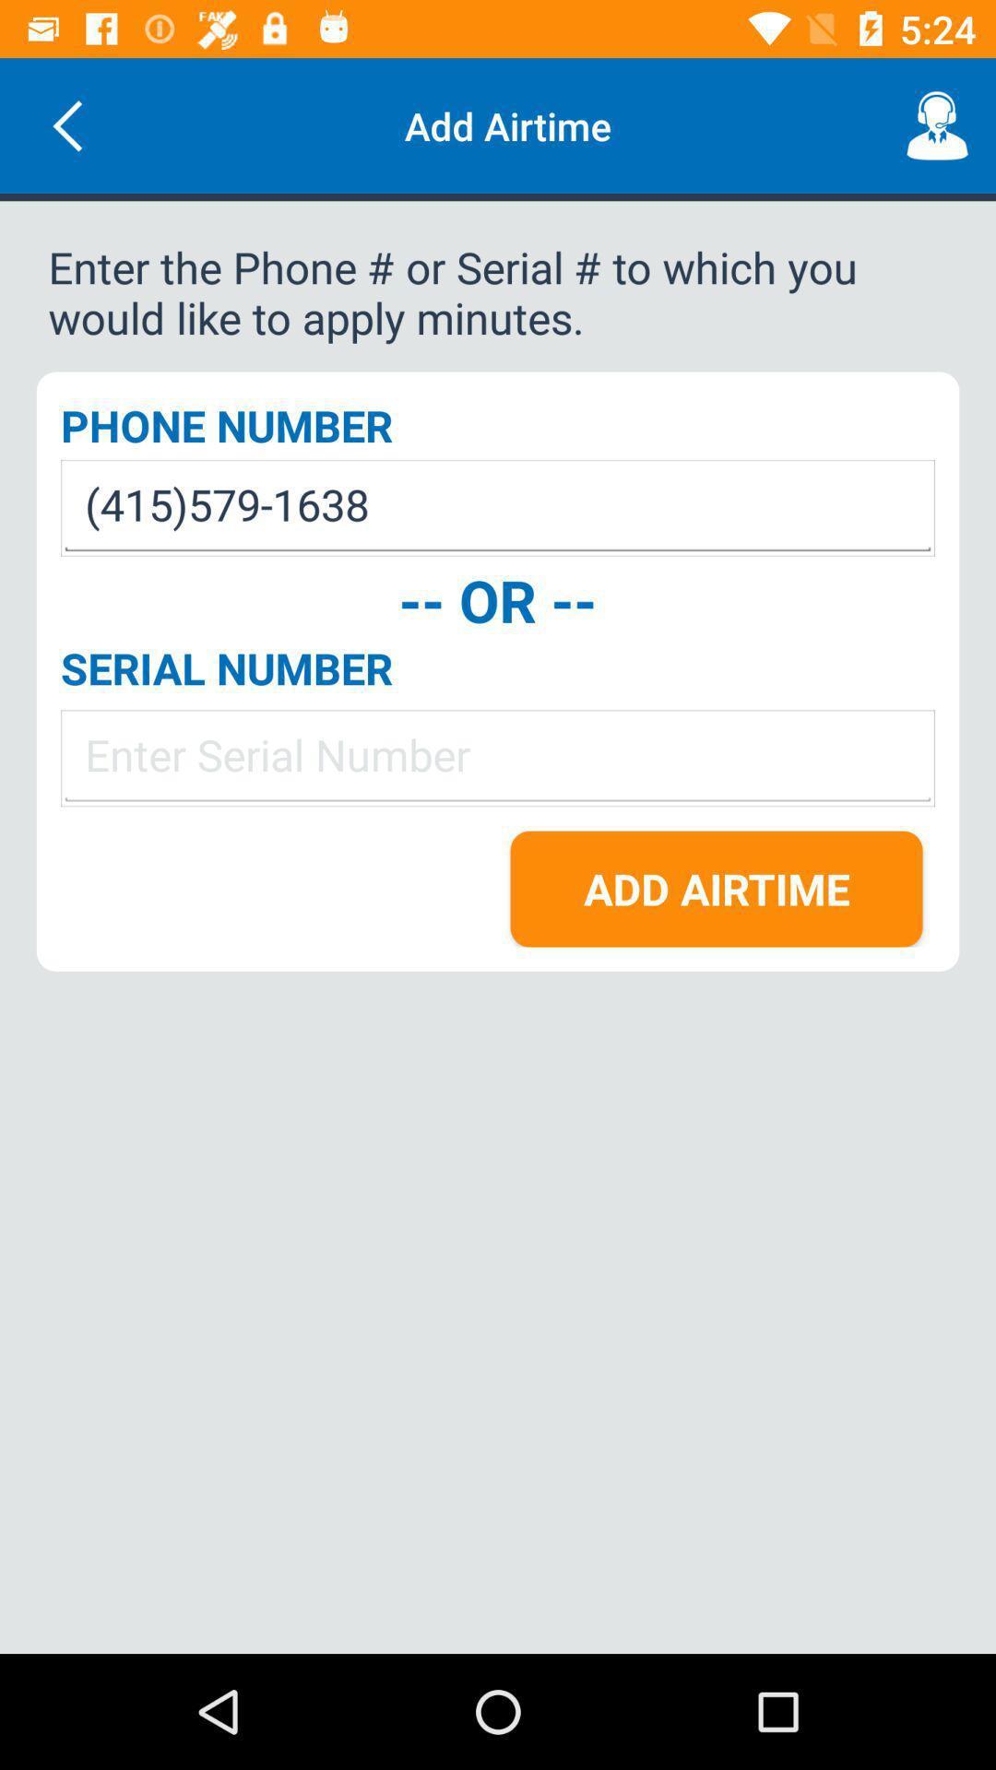 This screenshot has height=1770, width=996. Describe the element at coordinates (938, 124) in the screenshot. I see `item at the top right corner` at that location.